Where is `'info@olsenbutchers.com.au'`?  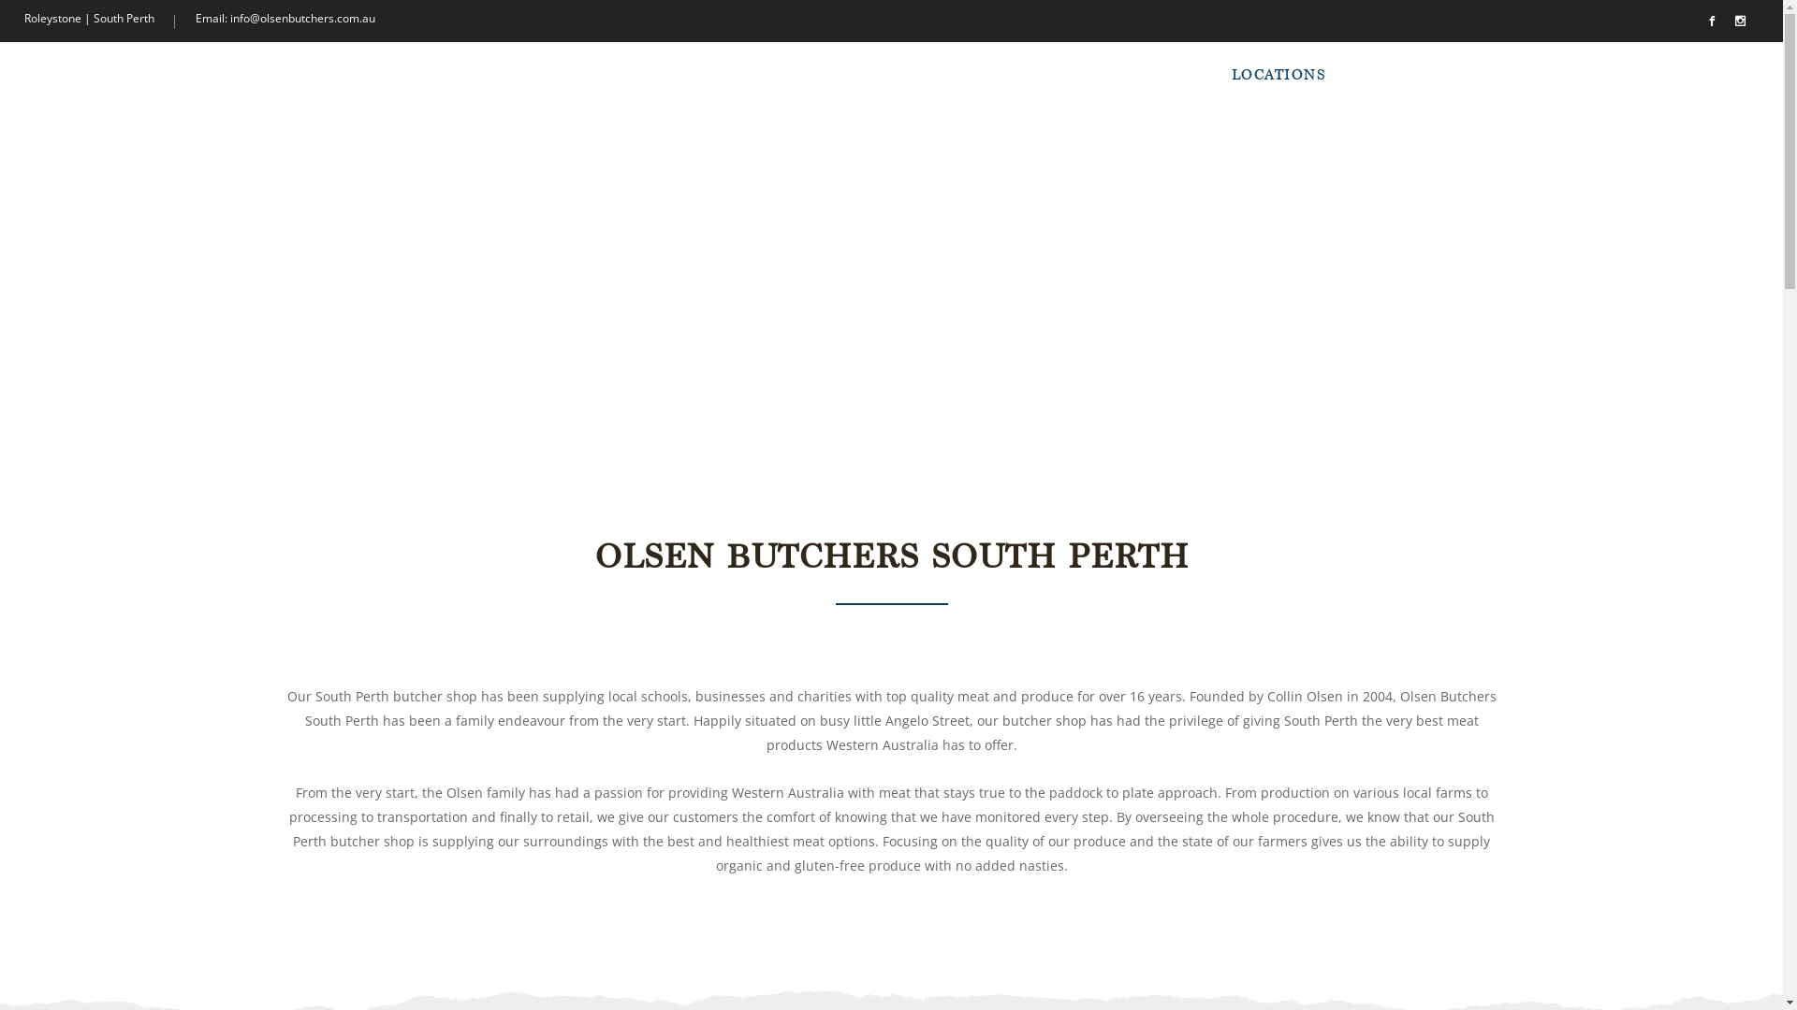 'info@olsenbutchers.com.au' is located at coordinates (302, 18).